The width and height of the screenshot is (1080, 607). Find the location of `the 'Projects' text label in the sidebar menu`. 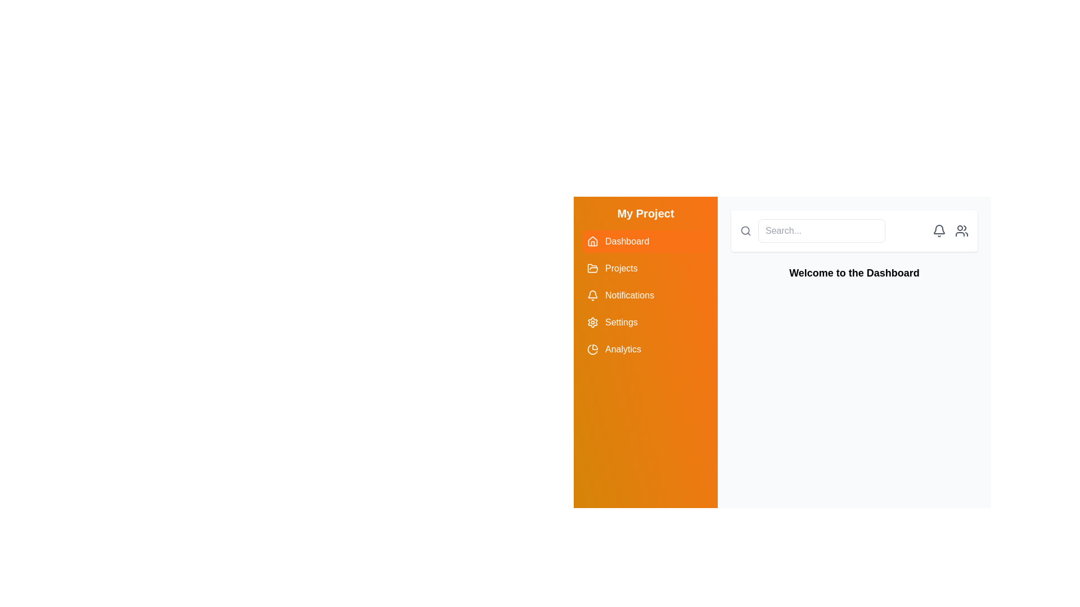

the 'Projects' text label in the sidebar menu is located at coordinates (620, 269).